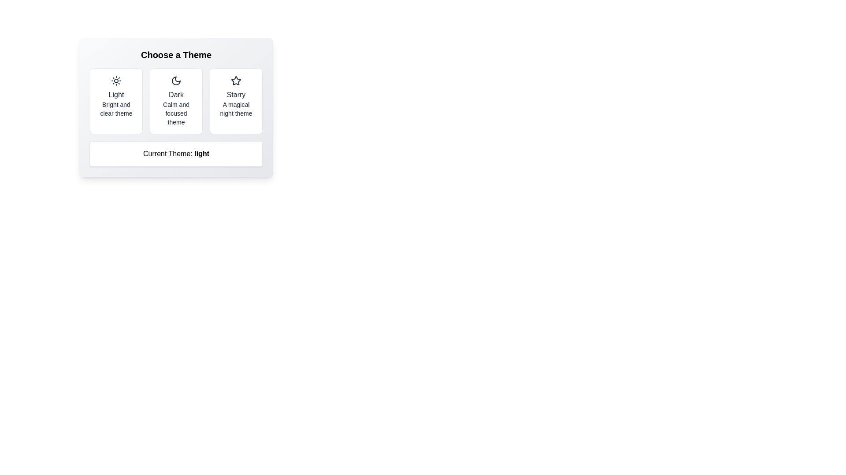  What do you see at coordinates (236, 101) in the screenshot?
I see `the theme button corresponding to Starry` at bounding box center [236, 101].